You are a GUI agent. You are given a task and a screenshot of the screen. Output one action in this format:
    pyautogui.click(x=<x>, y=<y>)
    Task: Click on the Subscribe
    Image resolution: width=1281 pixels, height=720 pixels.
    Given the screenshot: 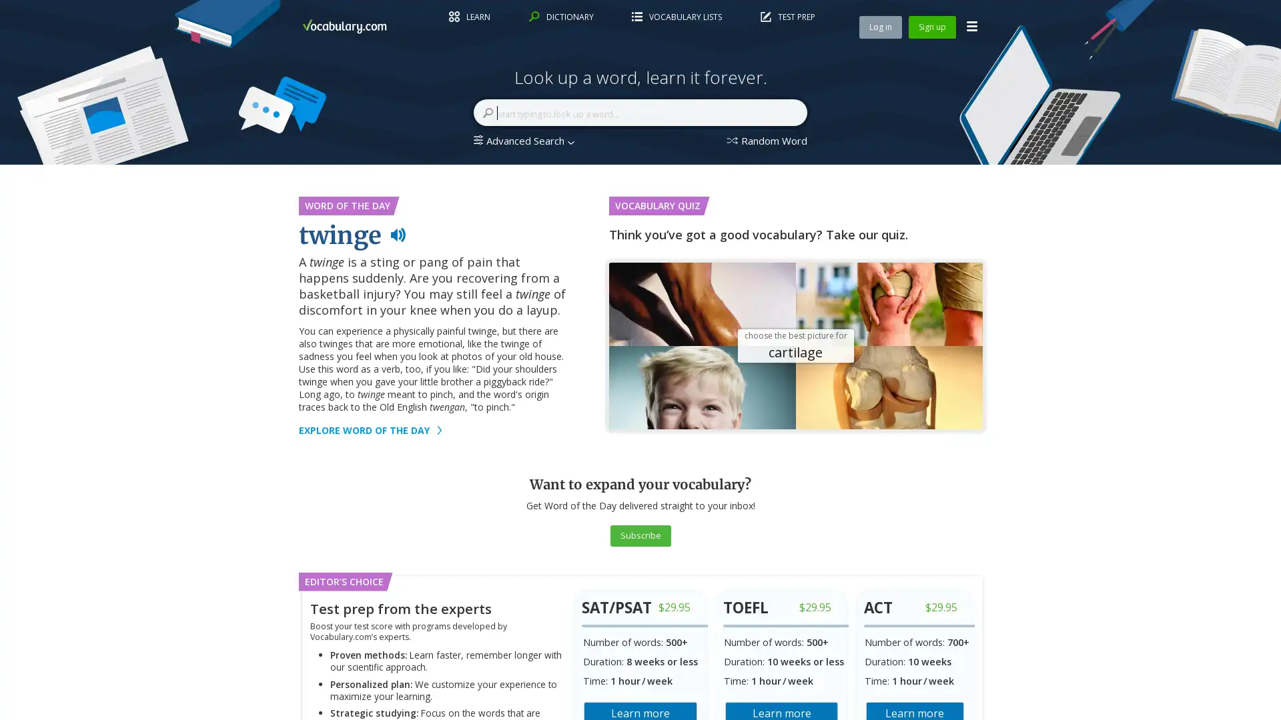 What is the action you would take?
    pyautogui.click(x=639, y=534)
    